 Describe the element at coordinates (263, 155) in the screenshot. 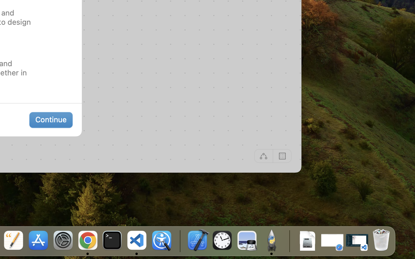

I see `'Off'` at that location.